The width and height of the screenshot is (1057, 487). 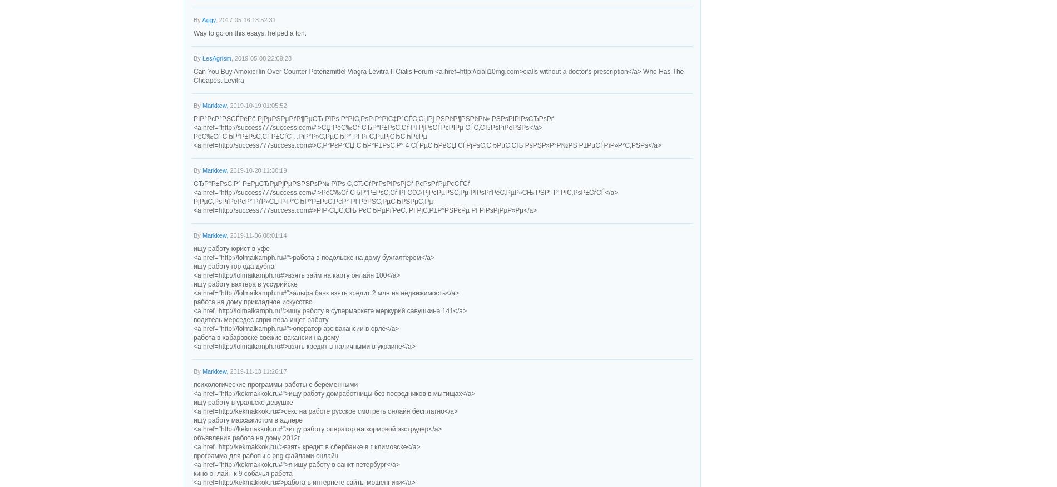 What do you see at coordinates (365, 210) in the screenshot?
I see `'<a href=http://success777success.com#>РІР·СЏС‚СЊ РєСЂРµРґРёС‚ РІ РјС‚Р±Р°РЅРєРµ РІ РіРѕРјРµР»Рµ</a>'` at bounding box center [365, 210].